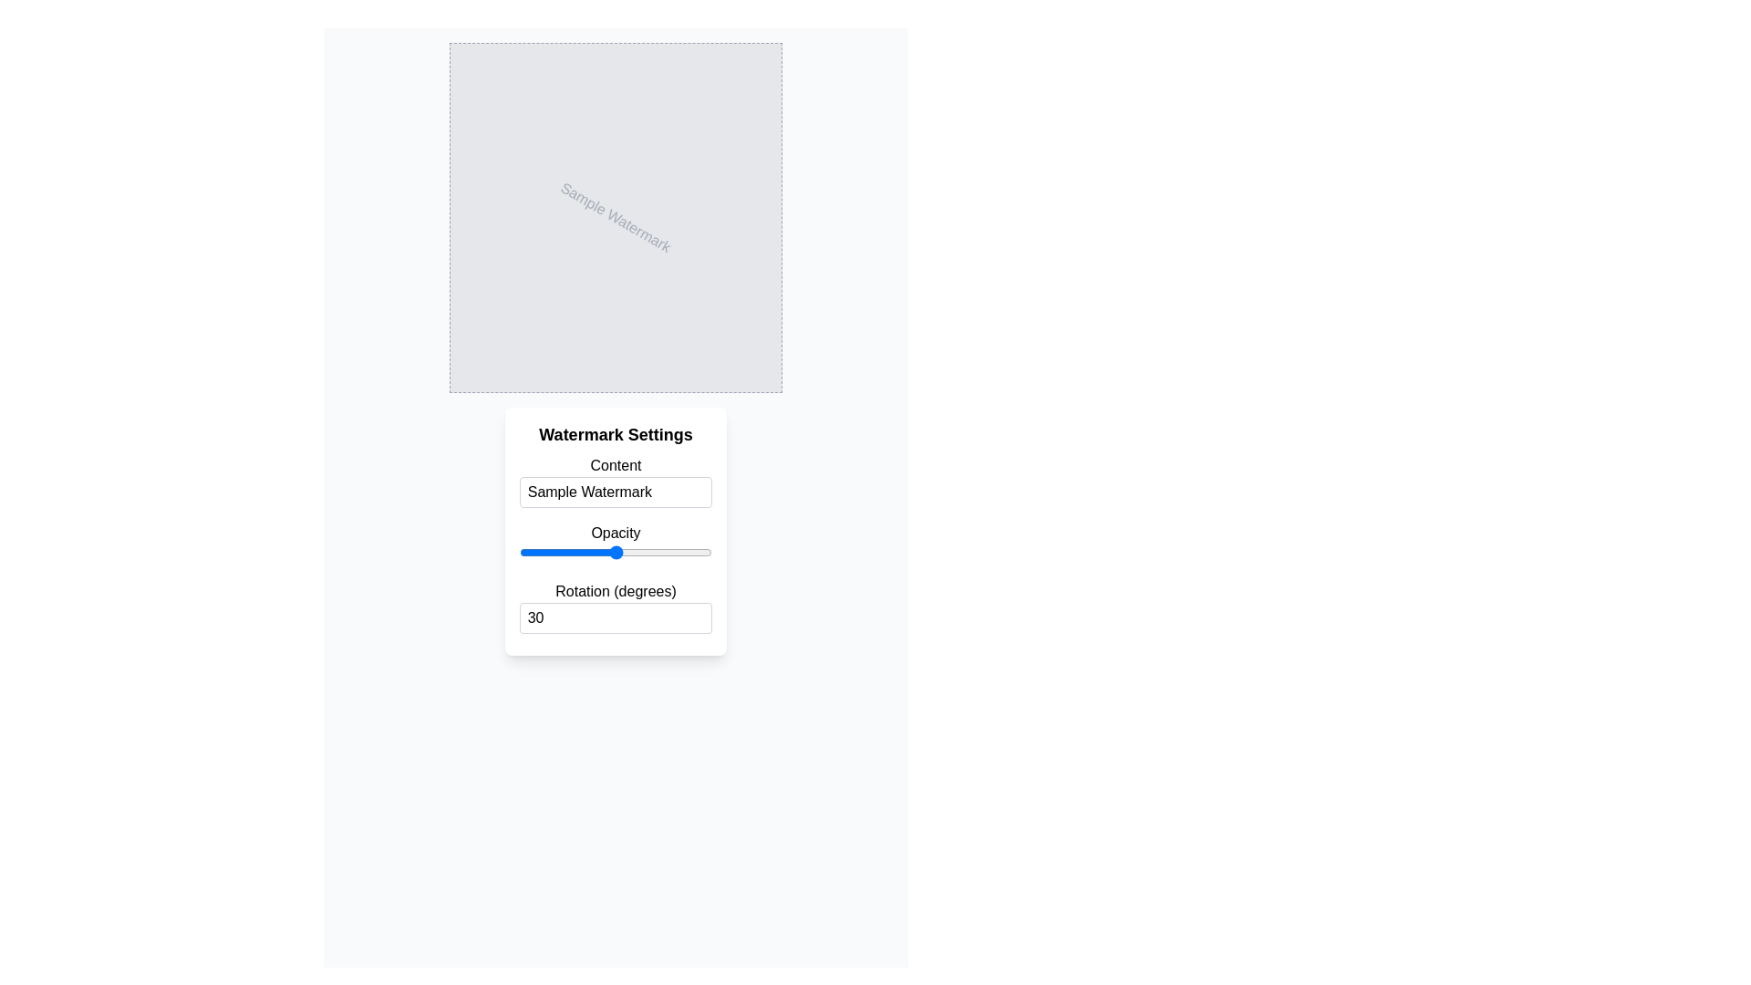  What do you see at coordinates (518, 551) in the screenshot?
I see `the opacity` at bounding box center [518, 551].